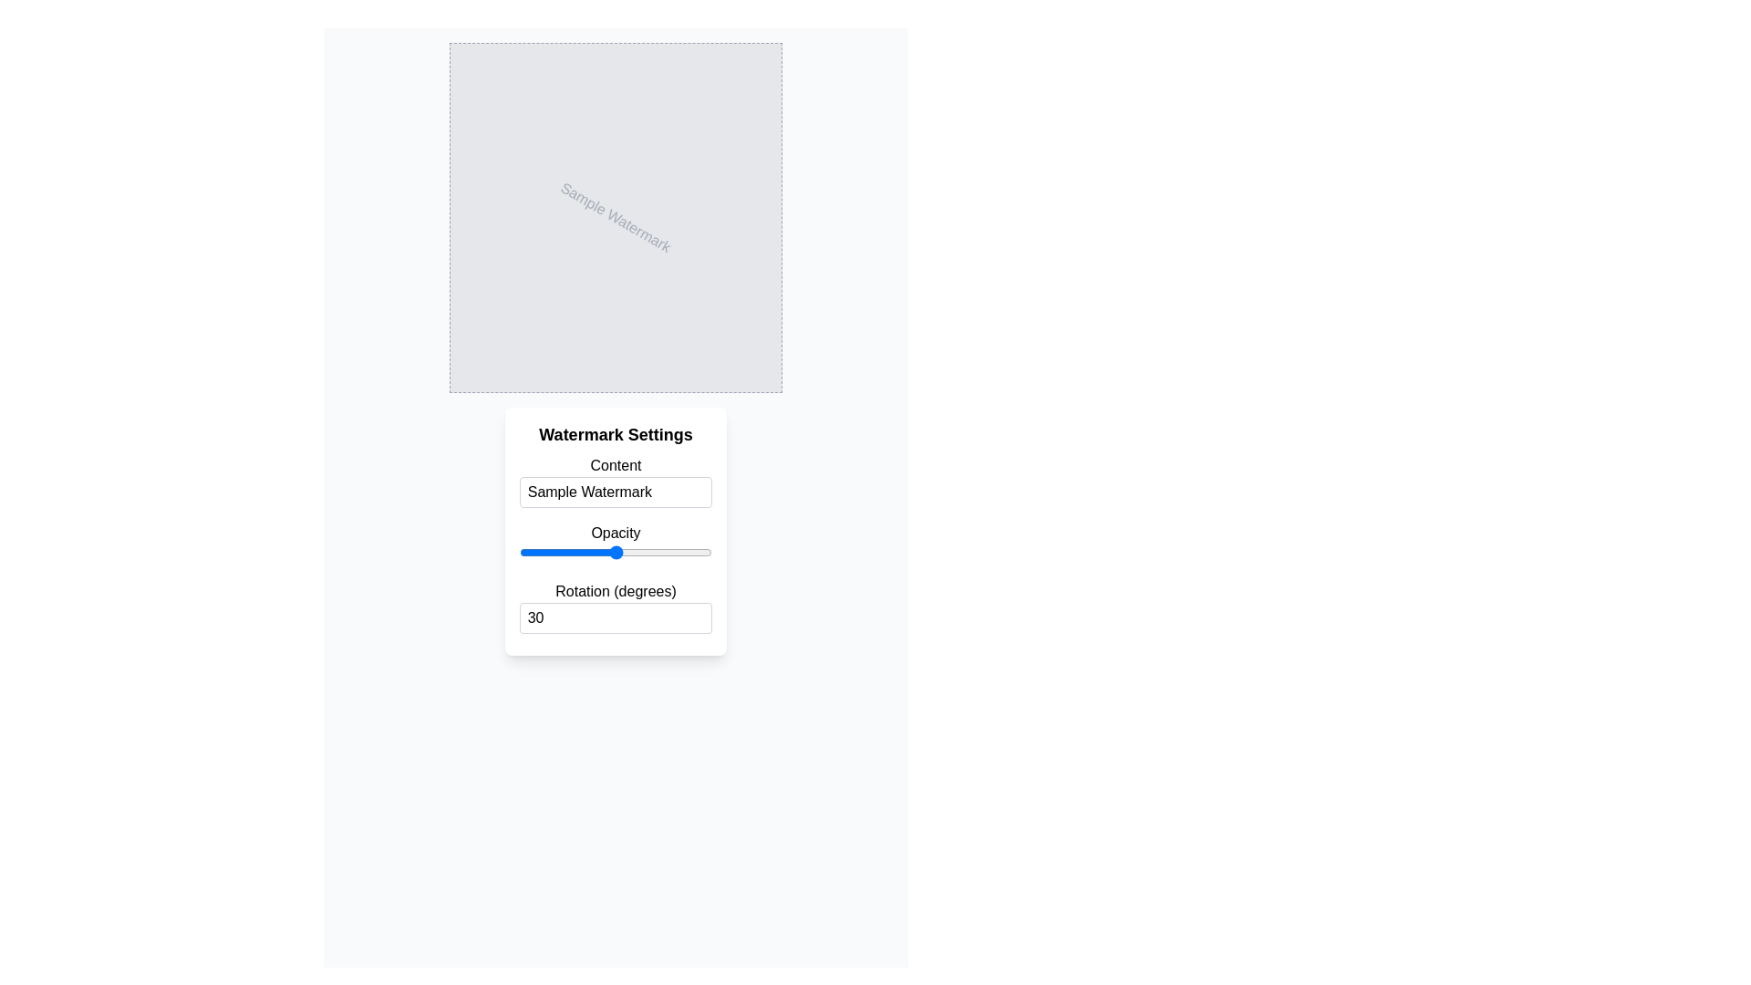  What do you see at coordinates (518, 551) in the screenshot?
I see `the opacity` at bounding box center [518, 551].